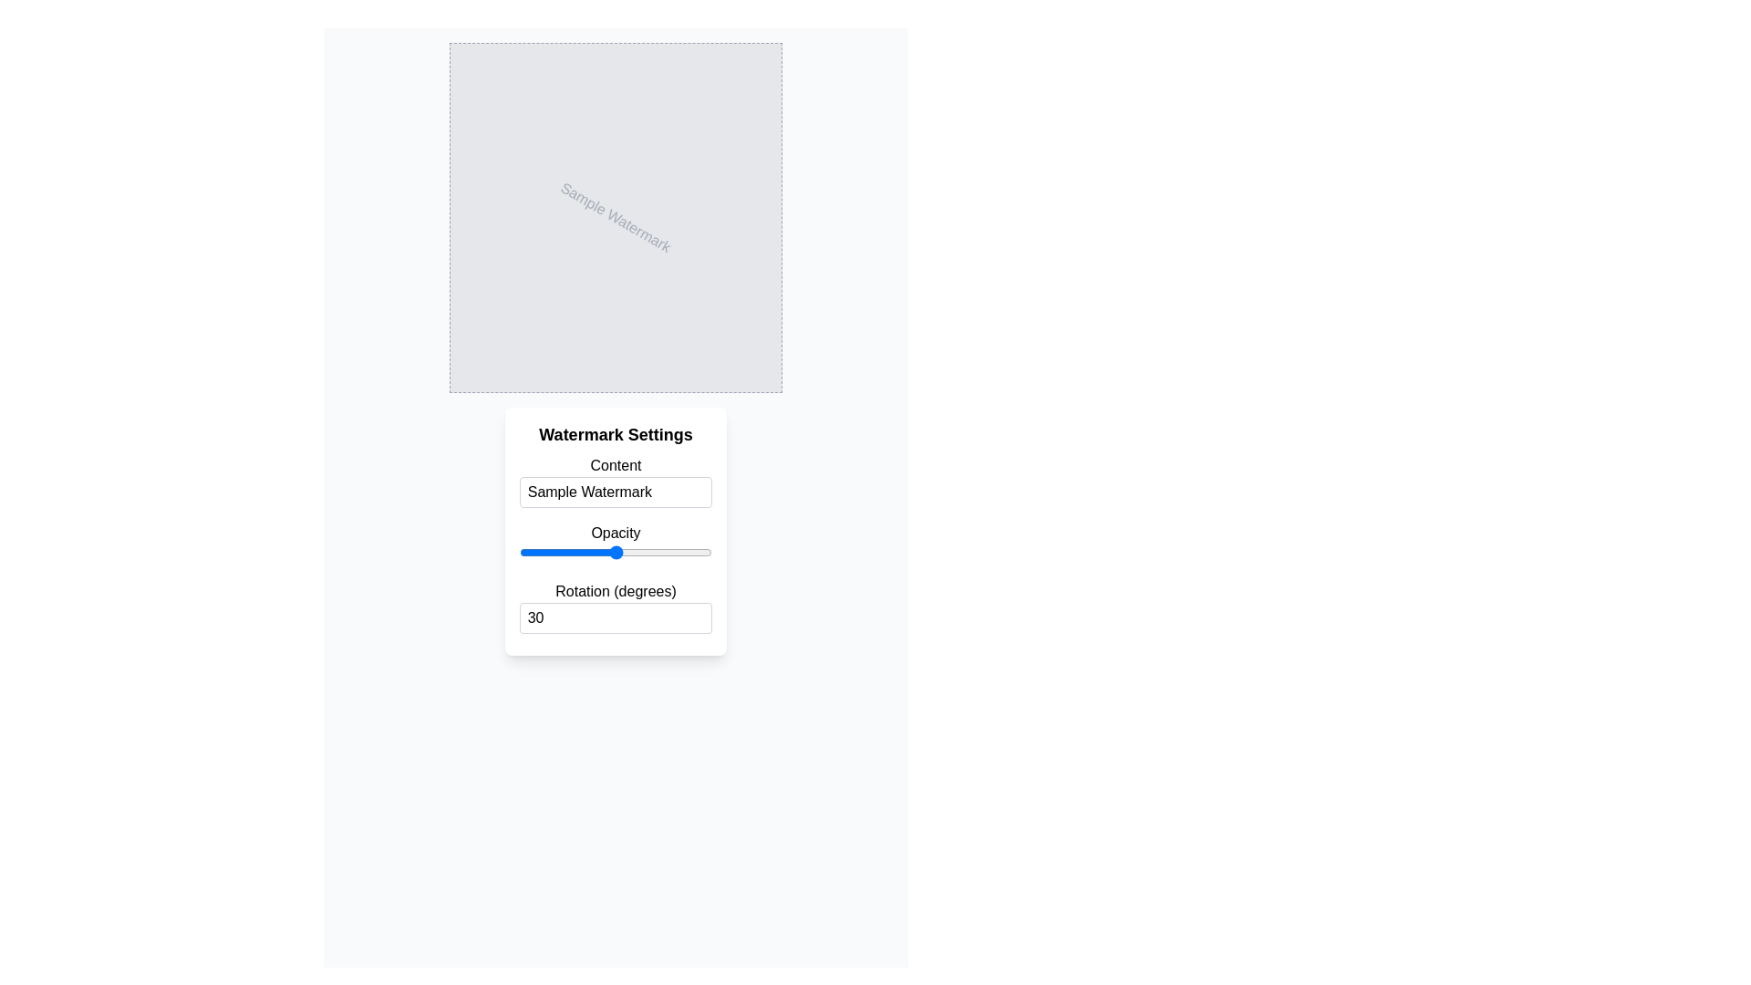  What do you see at coordinates (518, 551) in the screenshot?
I see `the opacity` at bounding box center [518, 551].